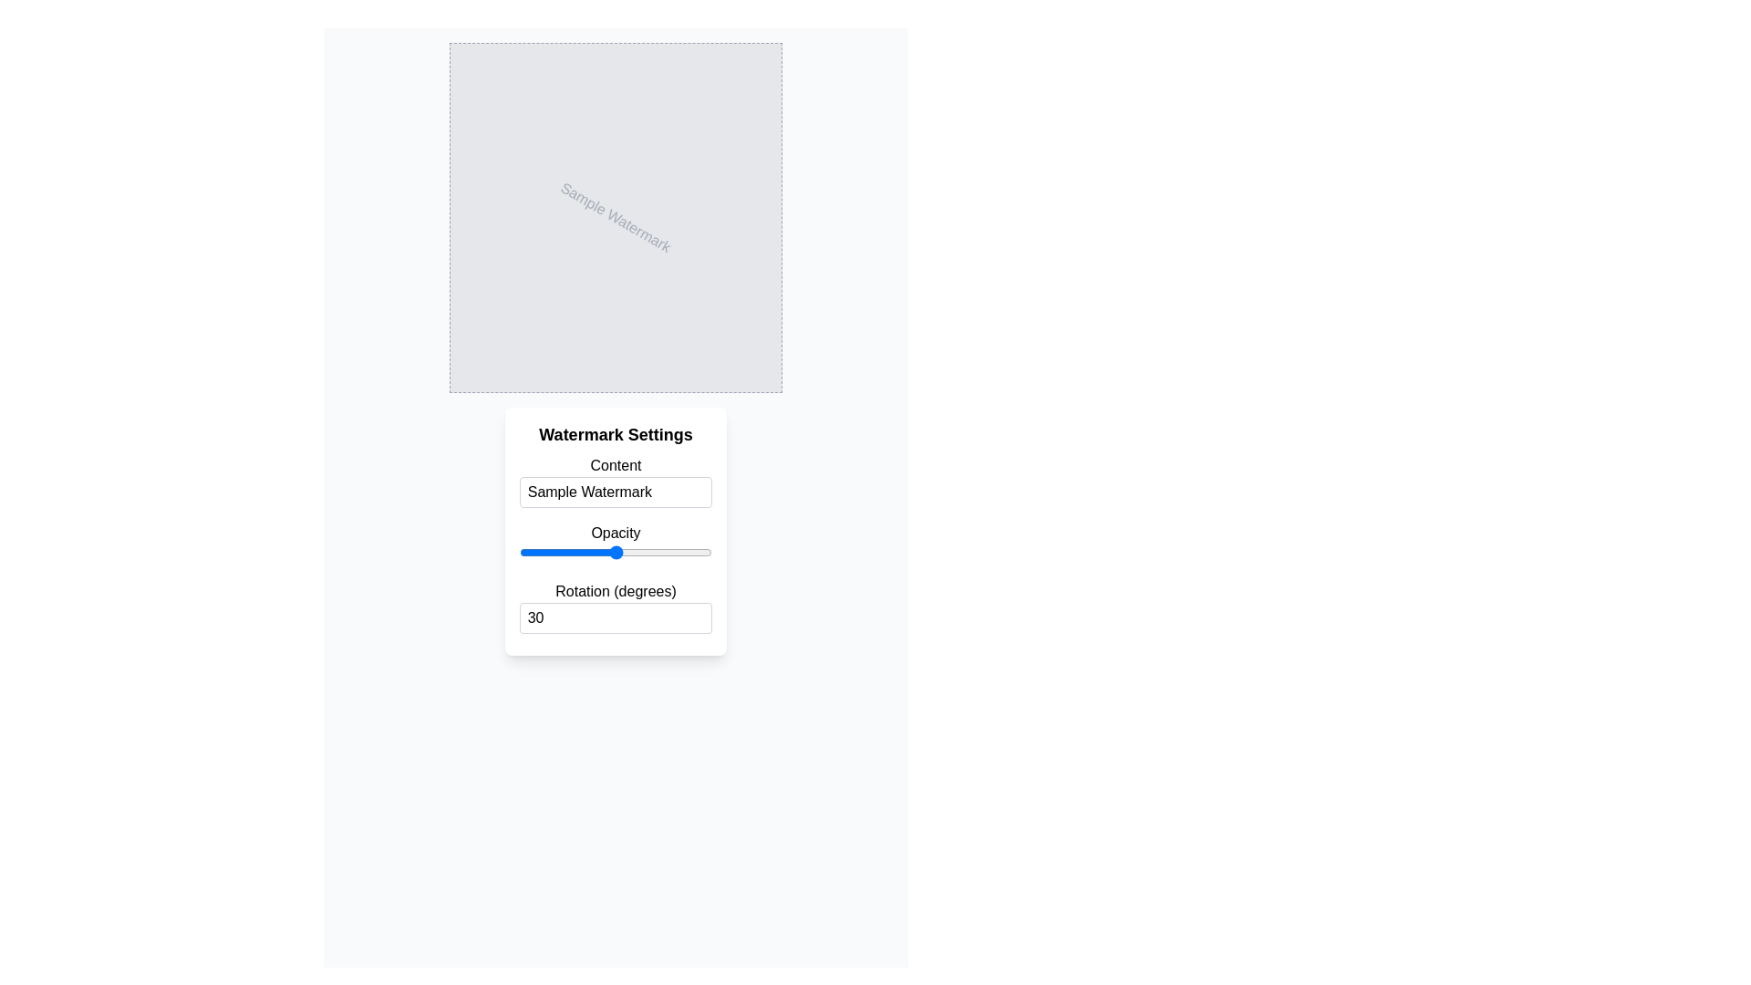  What do you see at coordinates (518, 551) in the screenshot?
I see `the opacity` at bounding box center [518, 551].